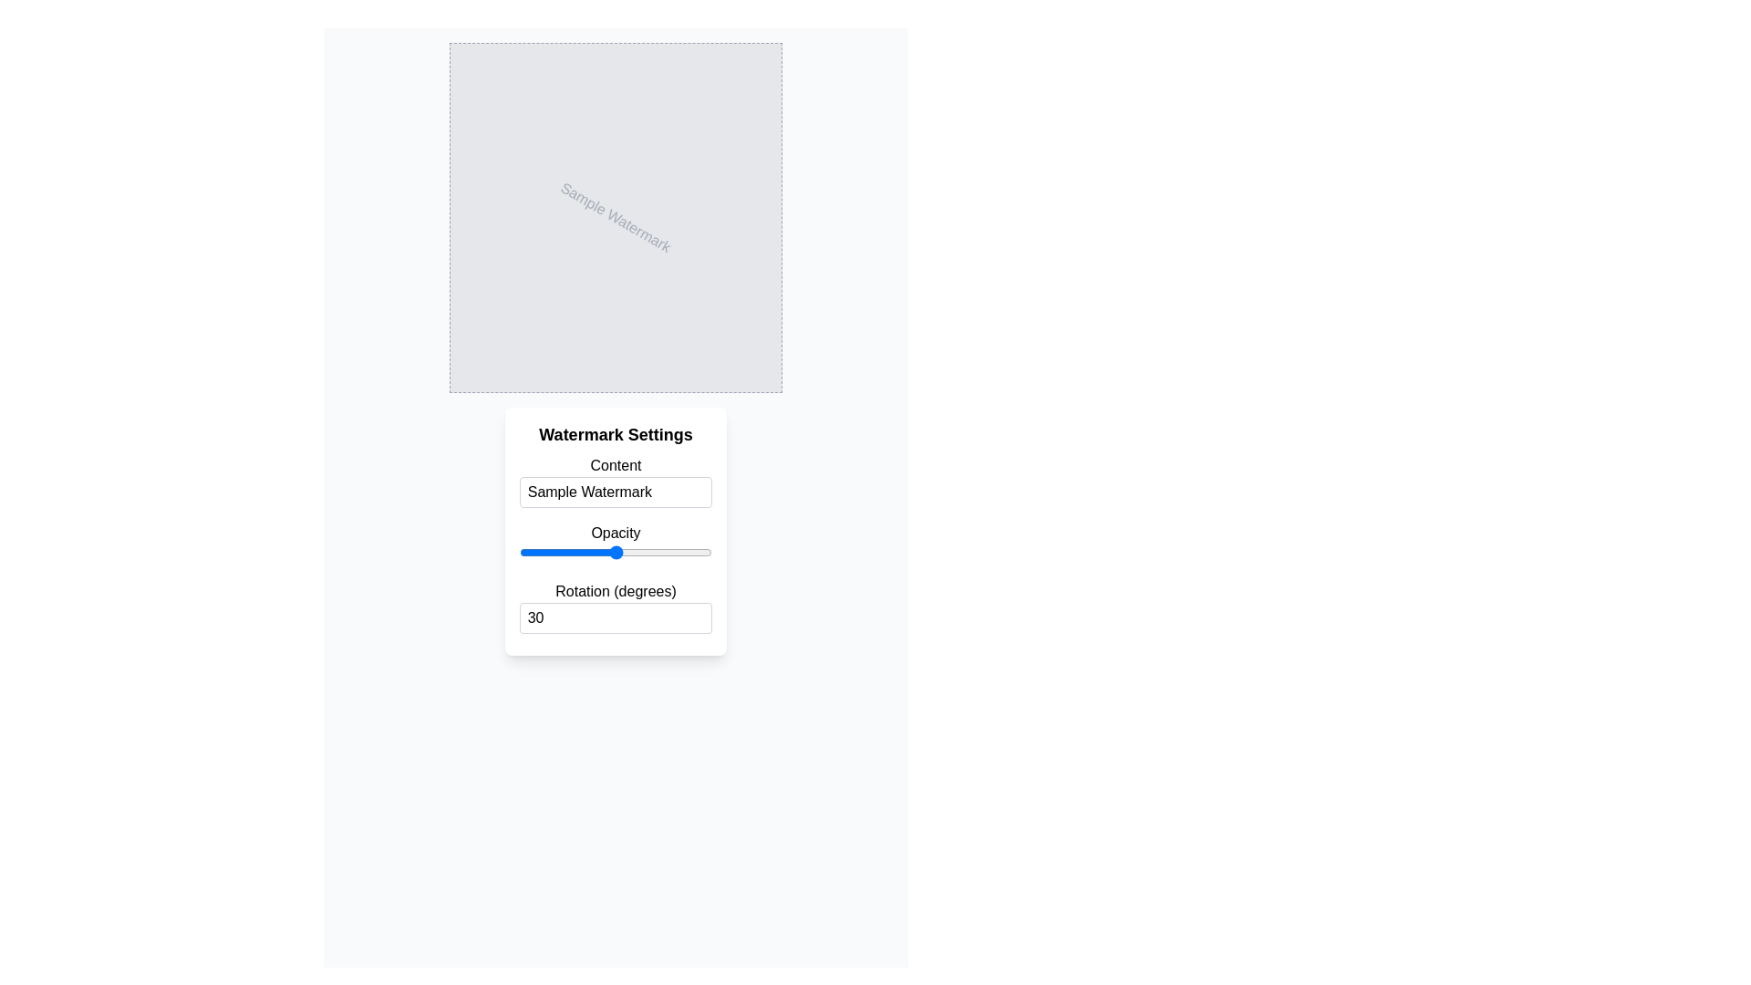  What do you see at coordinates (518, 551) in the screenshot?
I see `the opacity` at bounding box center [518, 551].